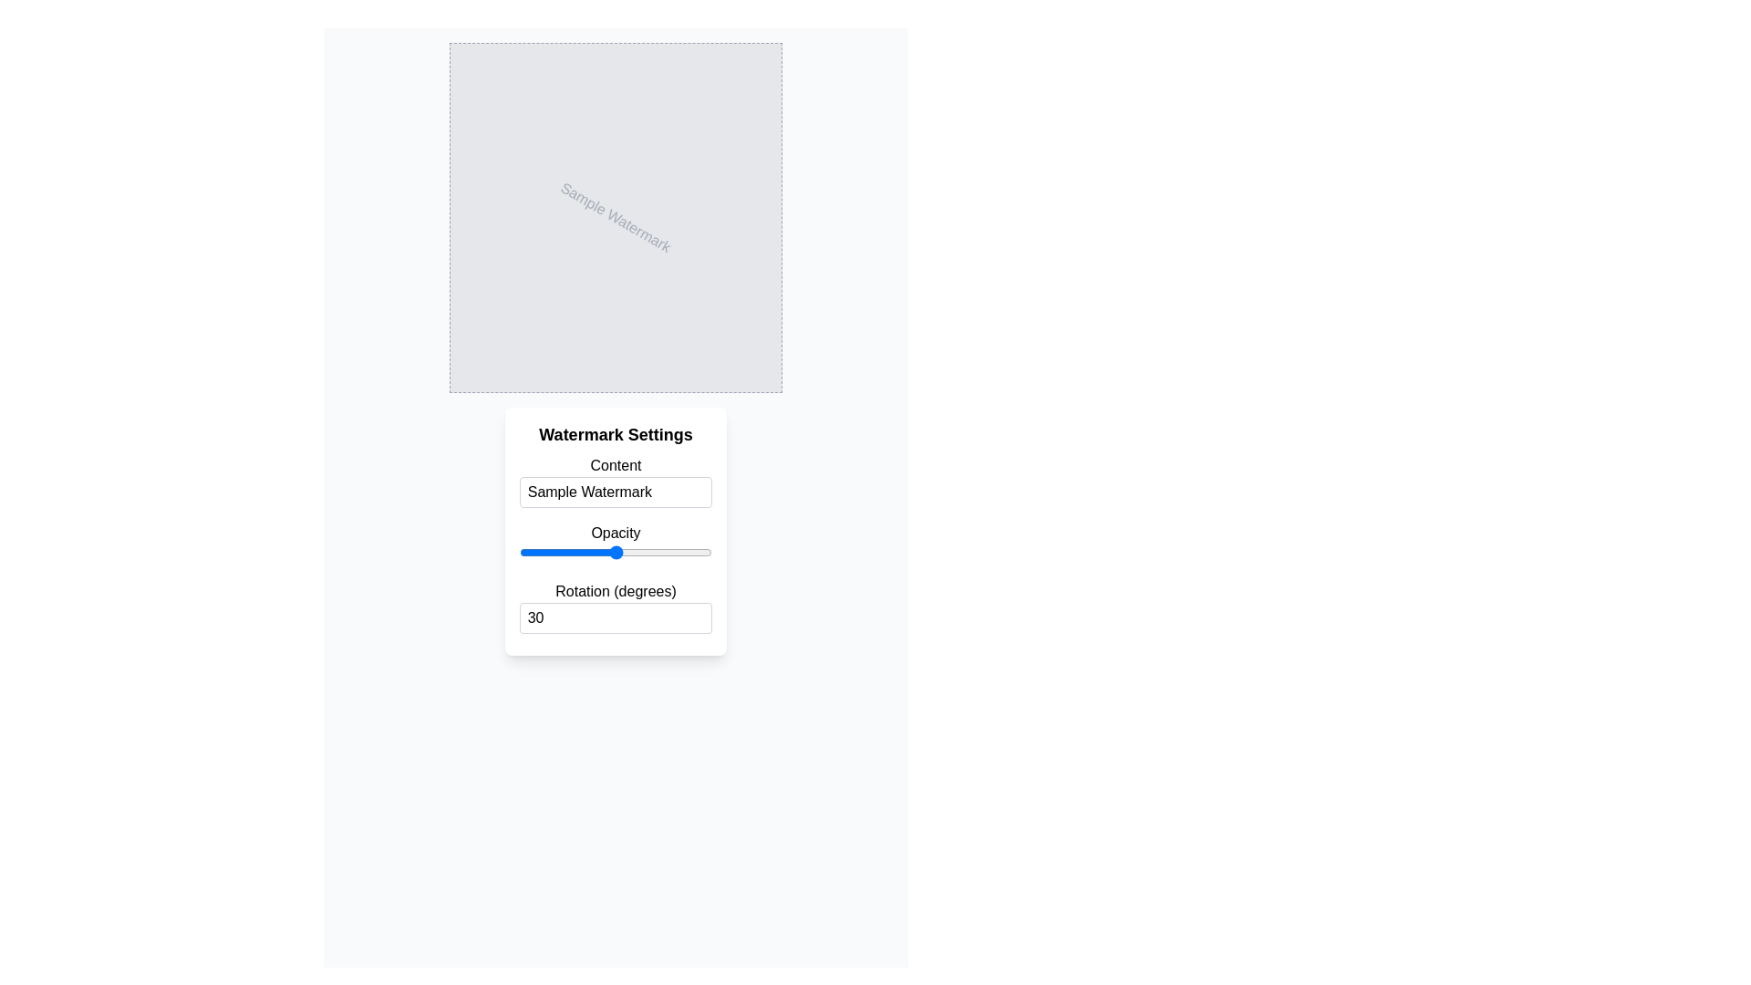  What do you see at coordinates (518, 551) in the screenshot?
I see `the opacity` at bounding box center [518, 551].